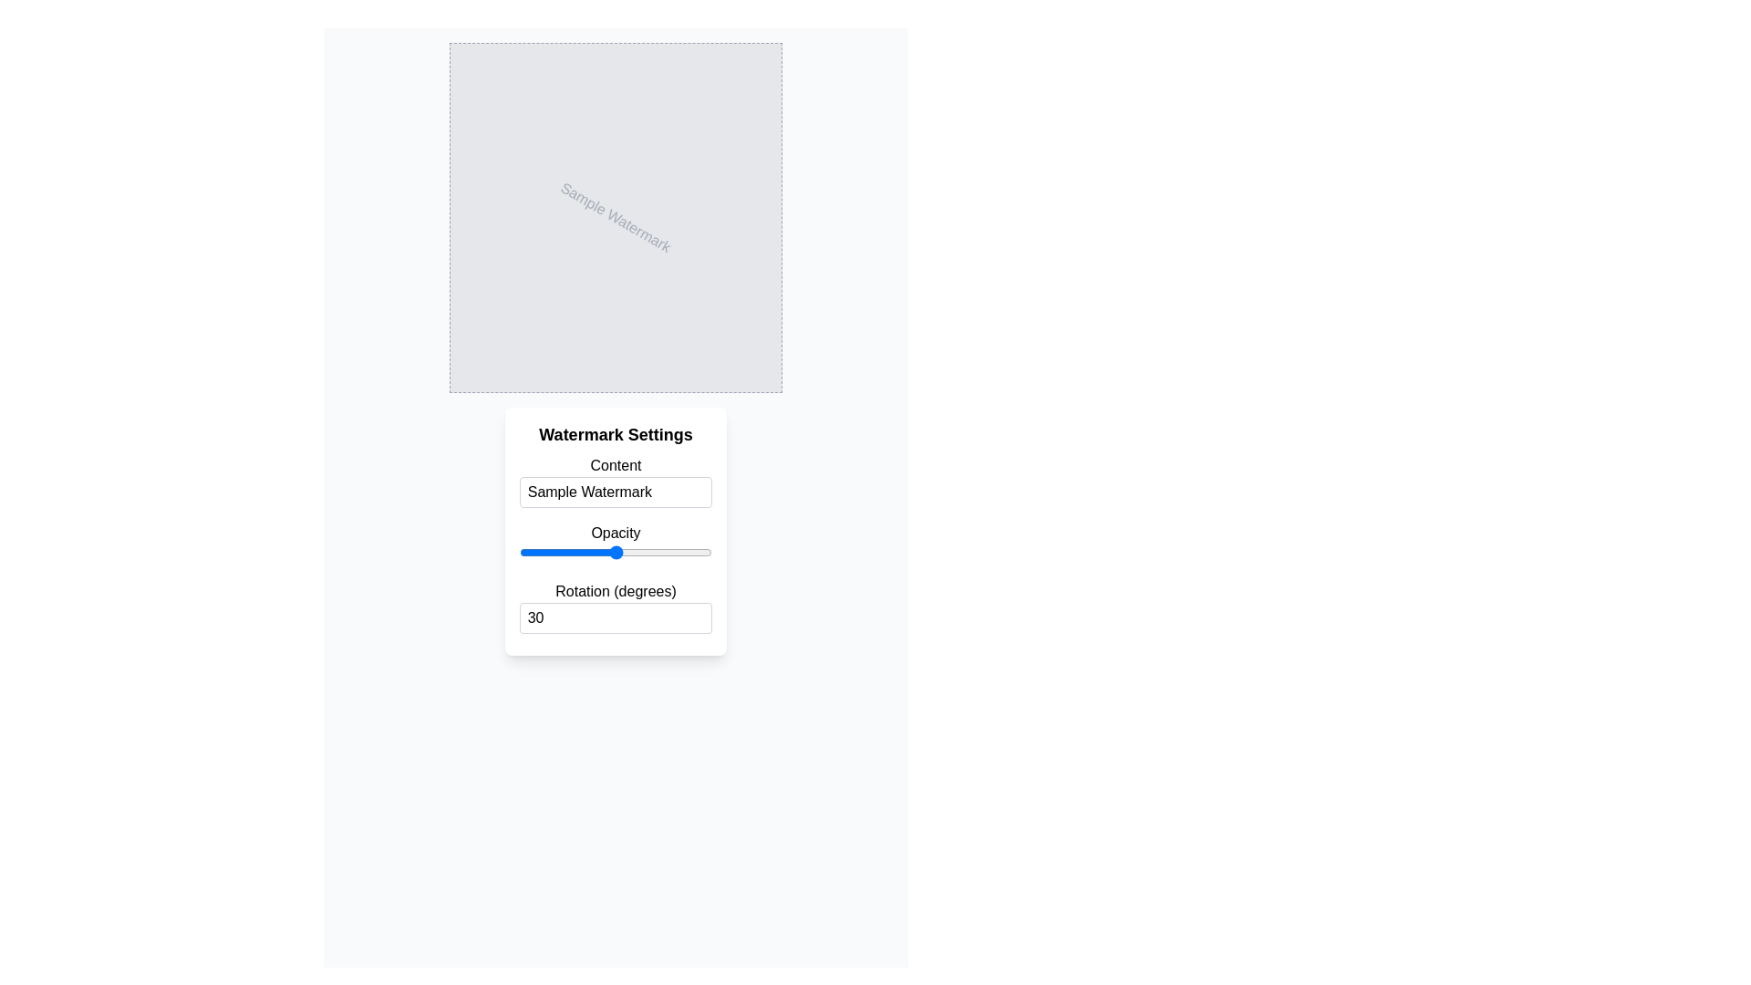  What do you see at coordinates (518, 551) in the screenshot?
I see `the opacity` at bounding box center [518, 551].